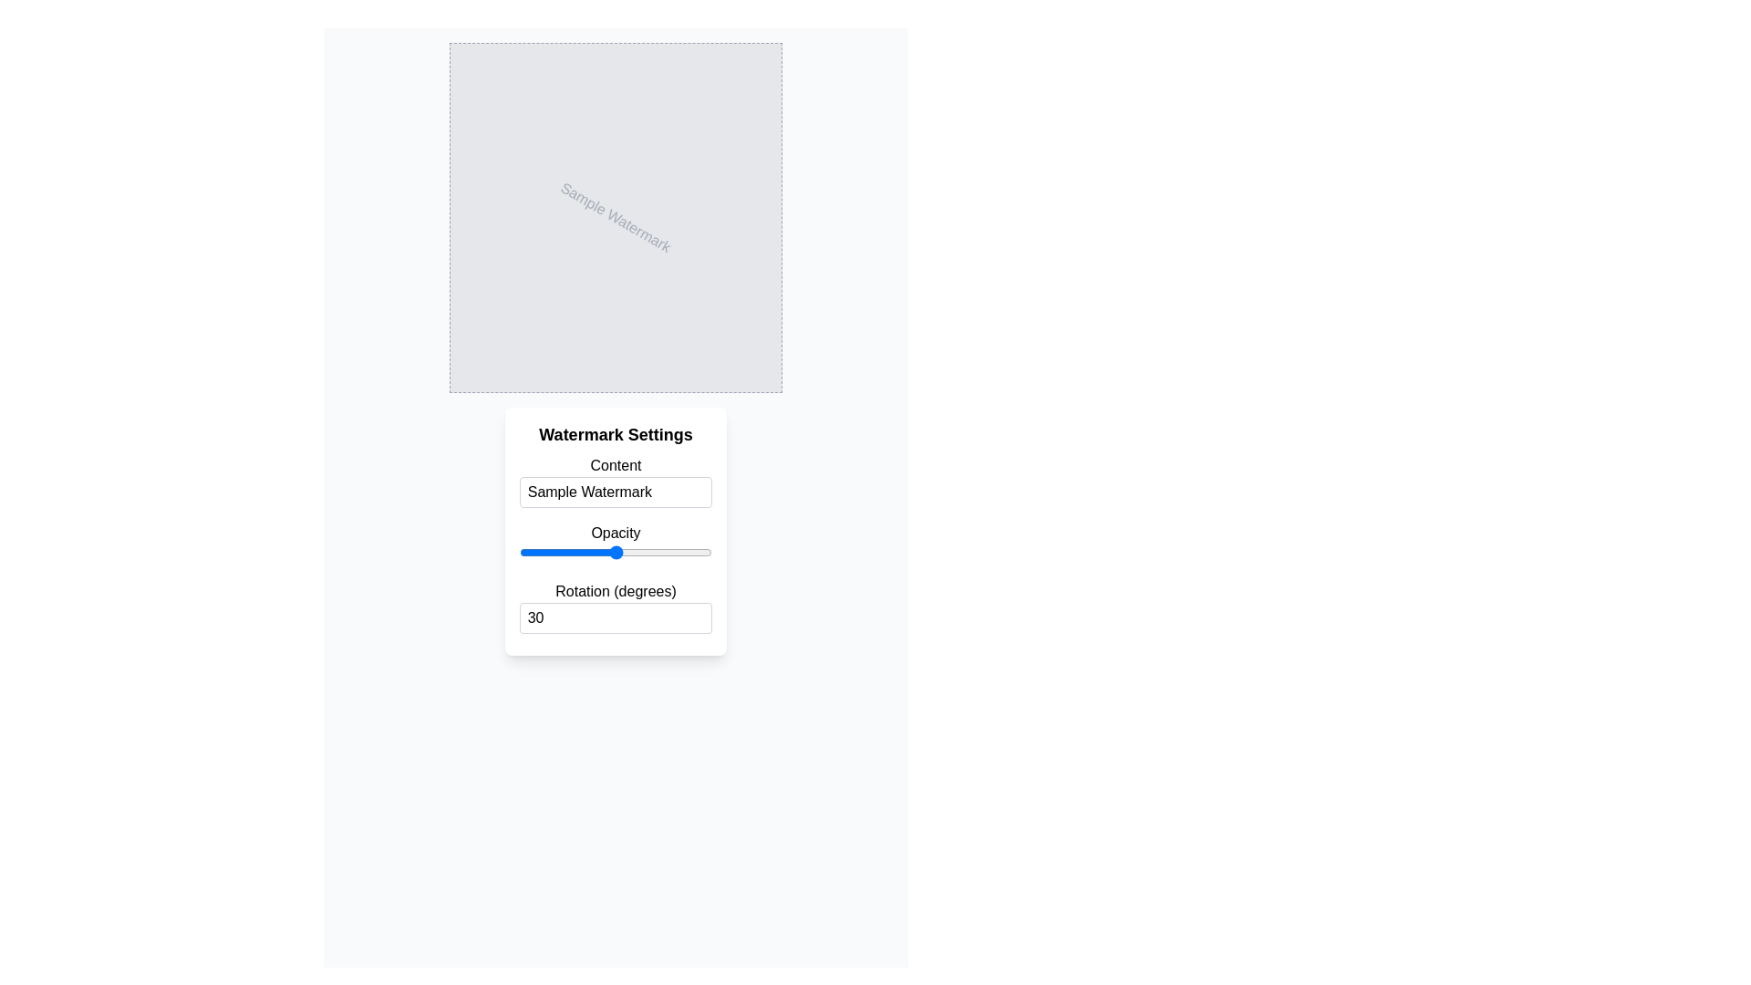  What do you see at coordinates (518, 551) in the screenshot?
I see `the opacity` at bounding box center [518, 551].